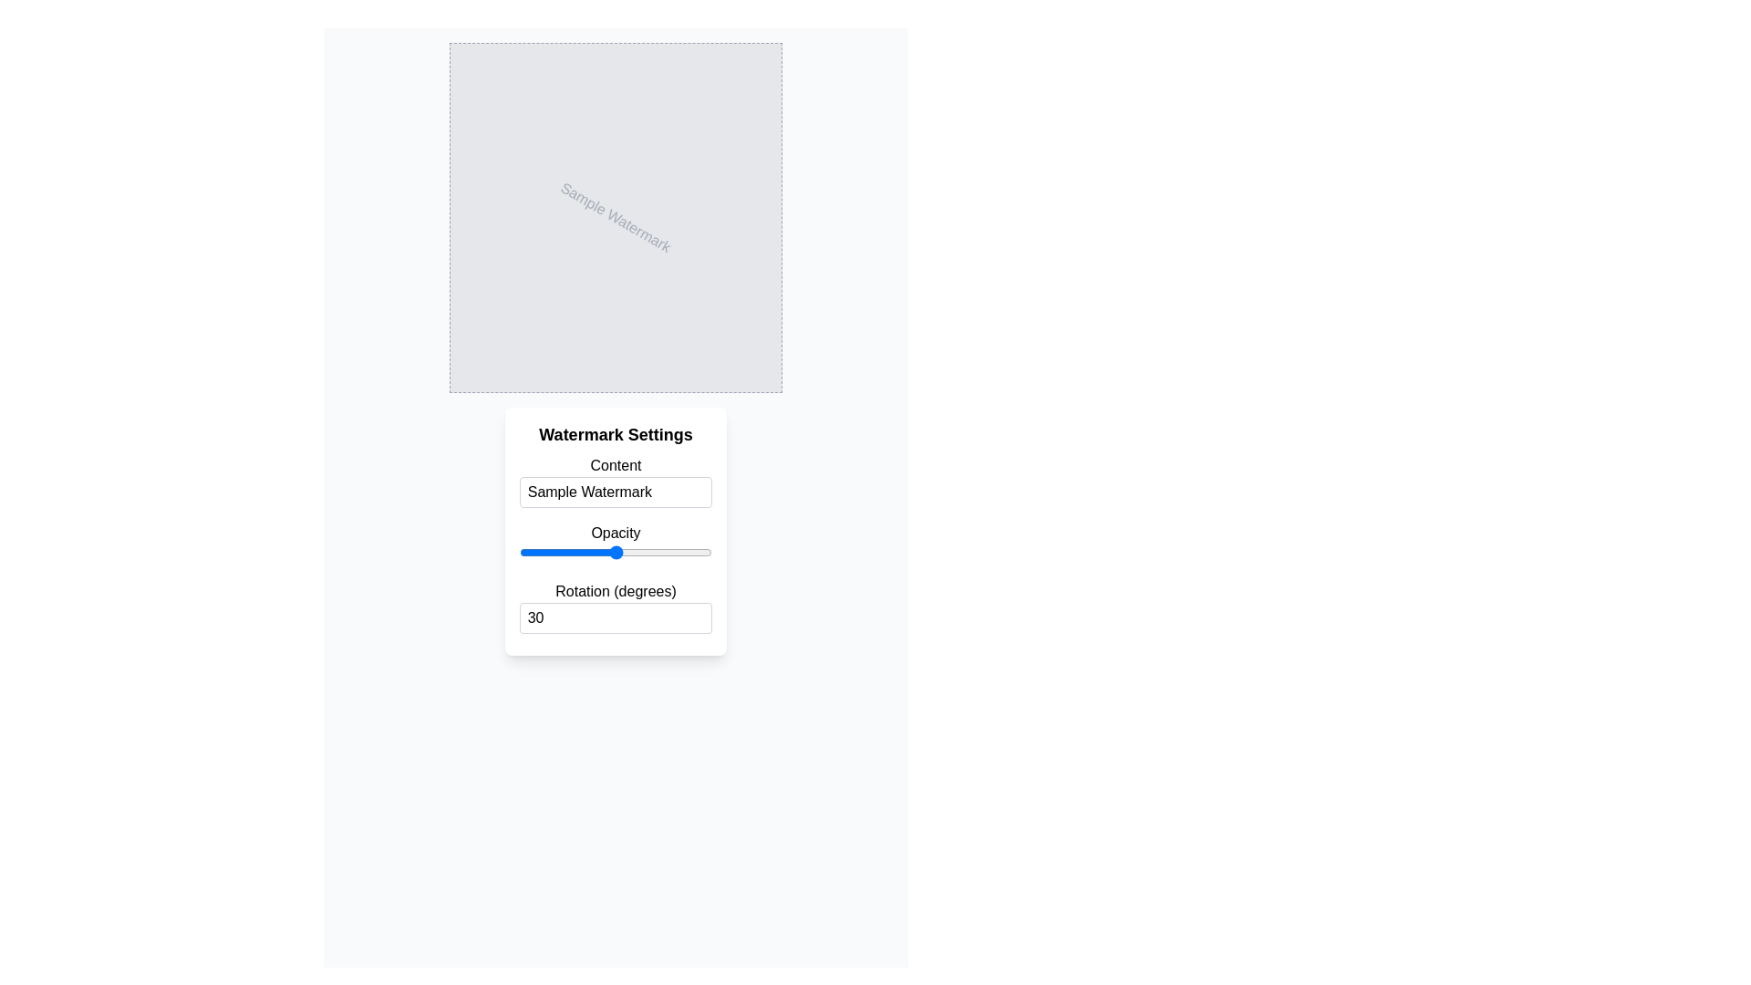  What do you see at coordinates (518, 551) in the screenshot?
I see `the opacity` at bounding box center [518, 551].